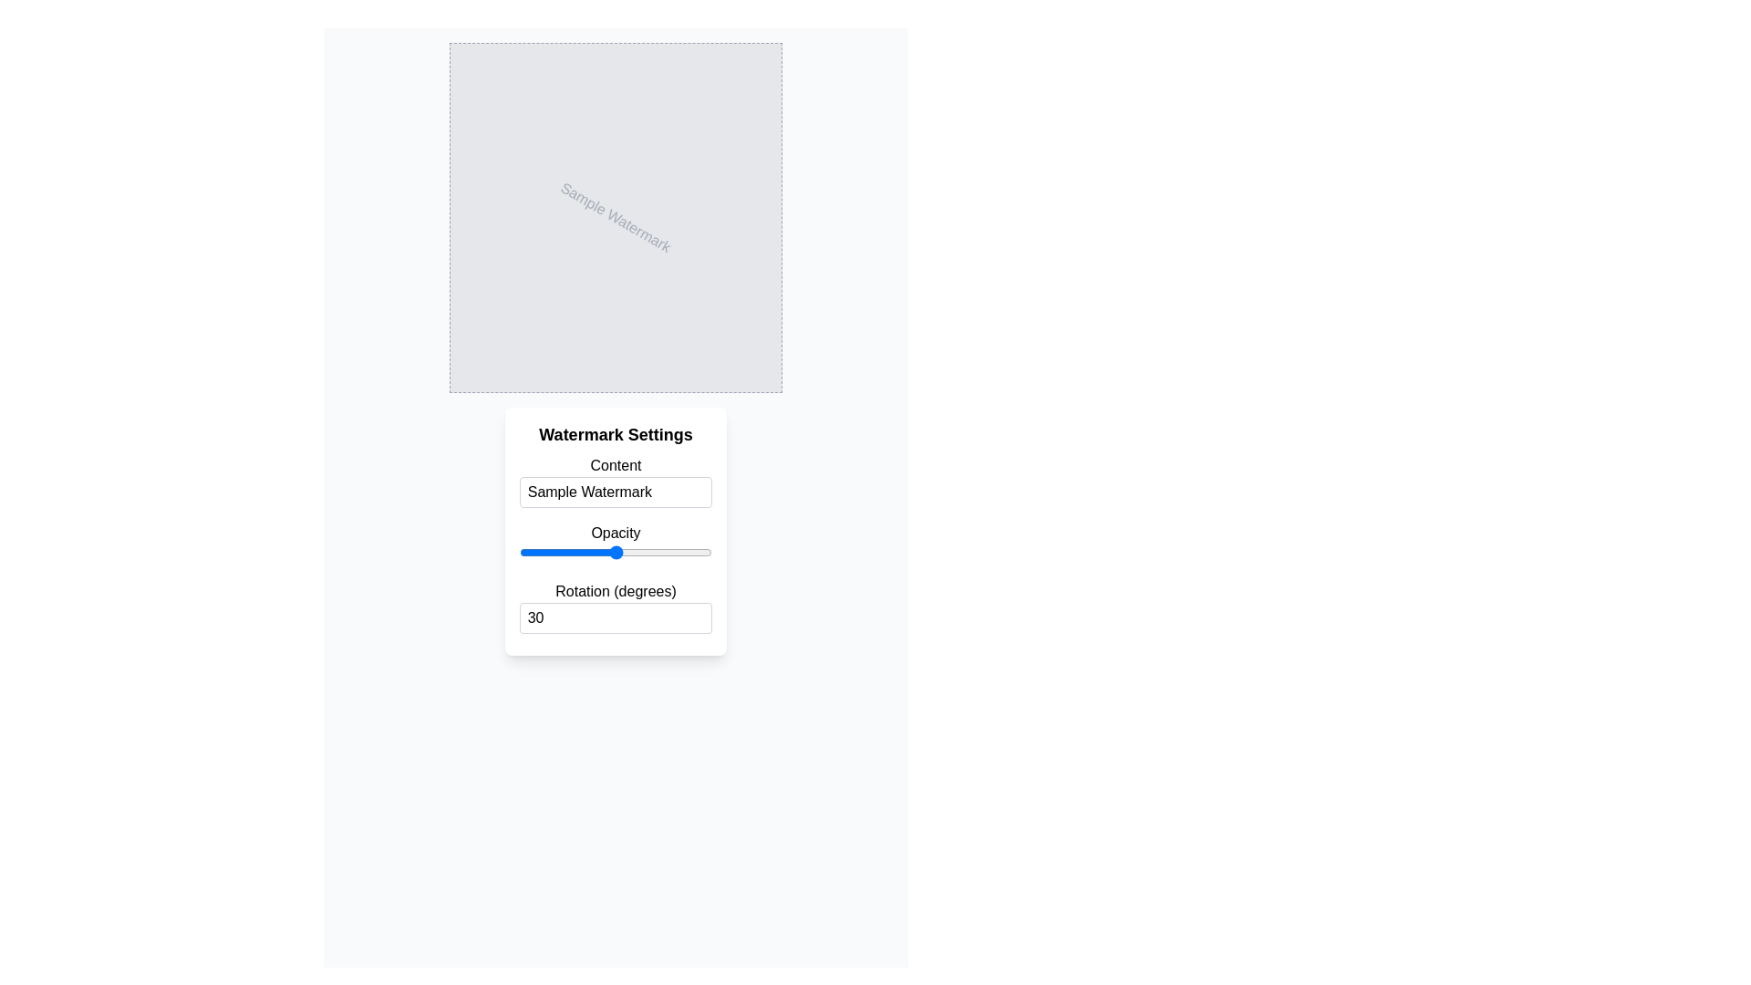  What do you see at coordinates (518, 551) in the screenshot?
I see `the opacity` at bounding box center [518, 551].